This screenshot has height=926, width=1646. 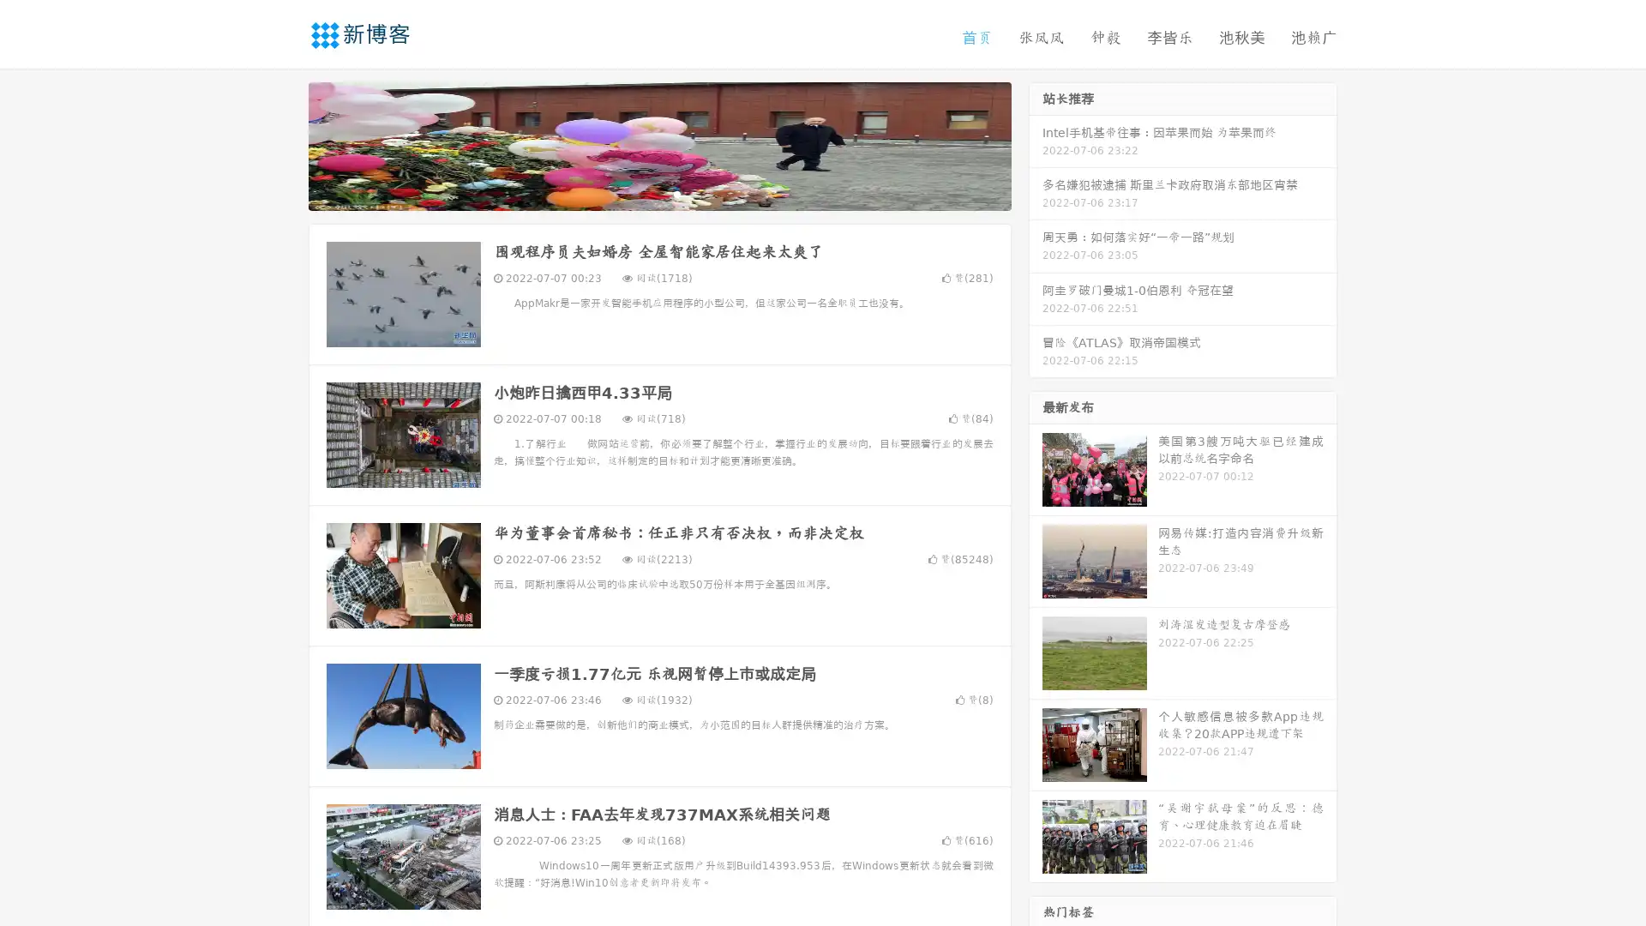 I want to click on Go to slide 2, so click(x=658, y=193).